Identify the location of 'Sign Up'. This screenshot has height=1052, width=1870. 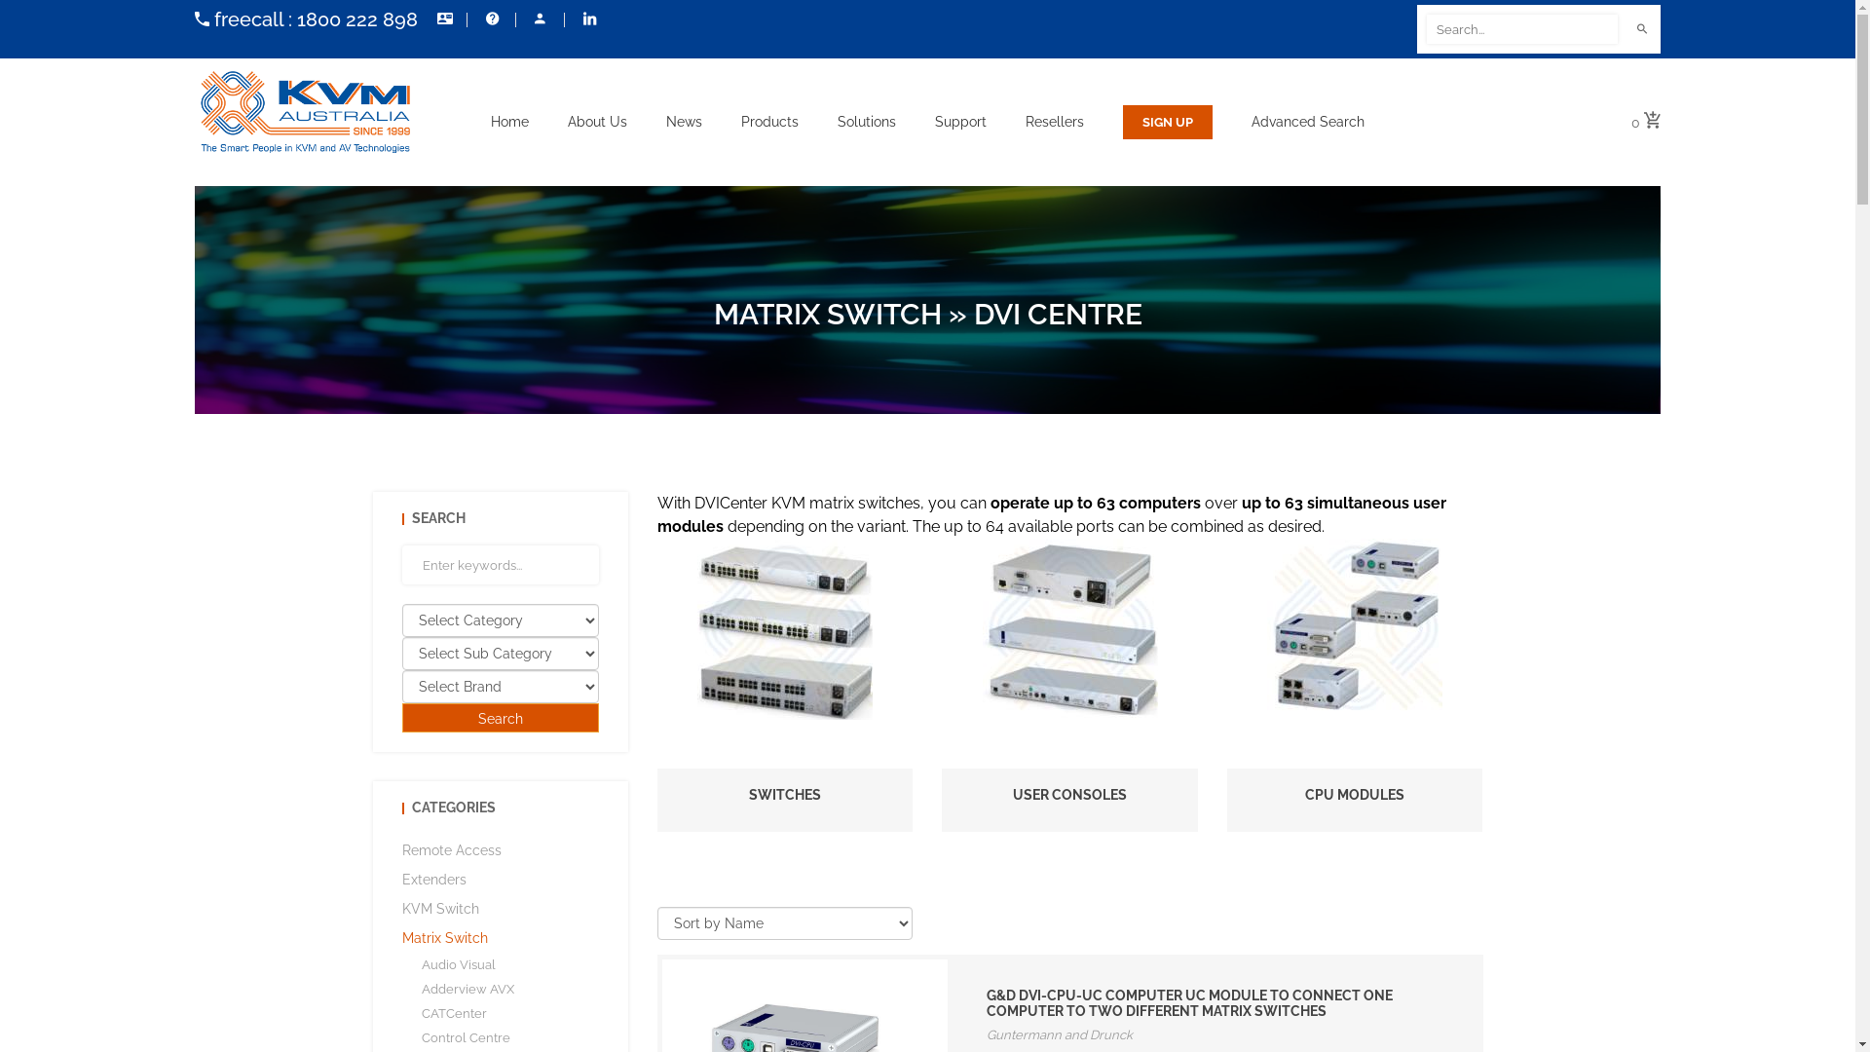
(1168, 122).